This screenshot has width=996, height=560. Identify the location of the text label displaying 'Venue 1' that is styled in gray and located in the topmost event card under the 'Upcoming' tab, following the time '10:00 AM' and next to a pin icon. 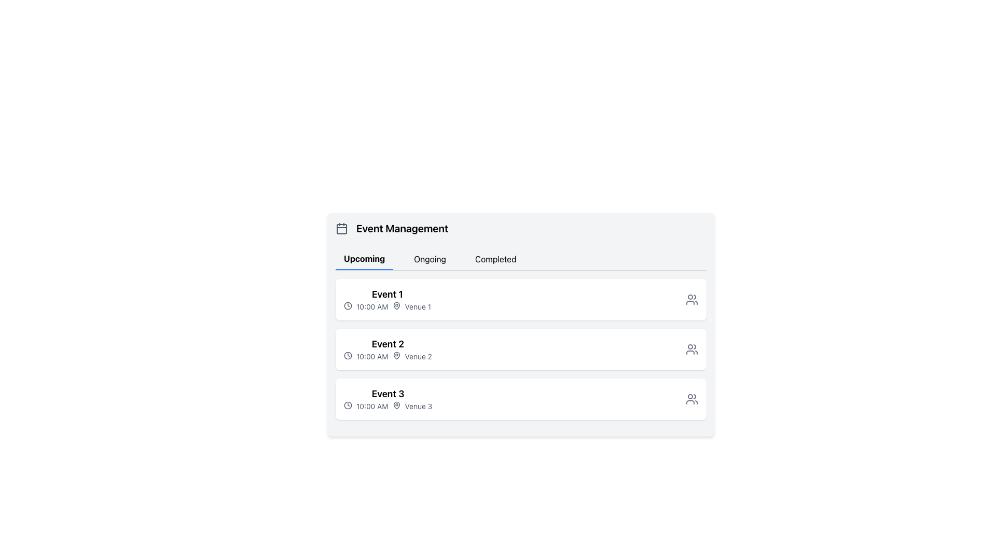
(418, 306).